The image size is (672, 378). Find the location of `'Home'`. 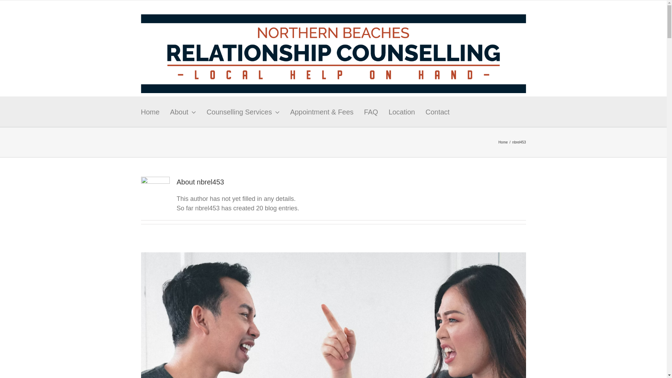

'Home' is located at coordinates (503, 142).